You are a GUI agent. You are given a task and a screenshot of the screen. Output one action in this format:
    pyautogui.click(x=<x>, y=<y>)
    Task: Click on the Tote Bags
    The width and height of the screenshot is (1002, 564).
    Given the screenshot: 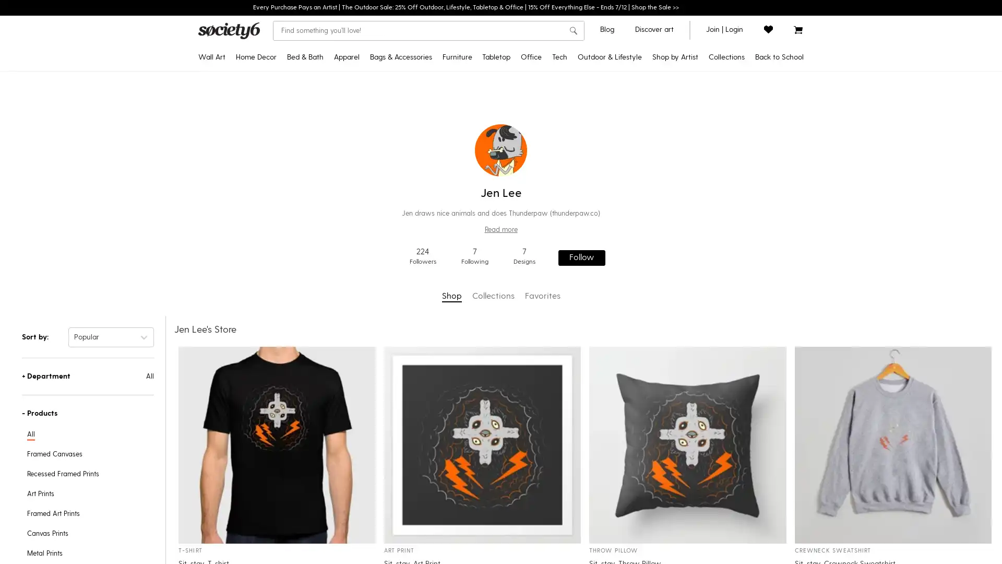 What is the action you would take?
    pyautogui.click(x=408, y=84)
    